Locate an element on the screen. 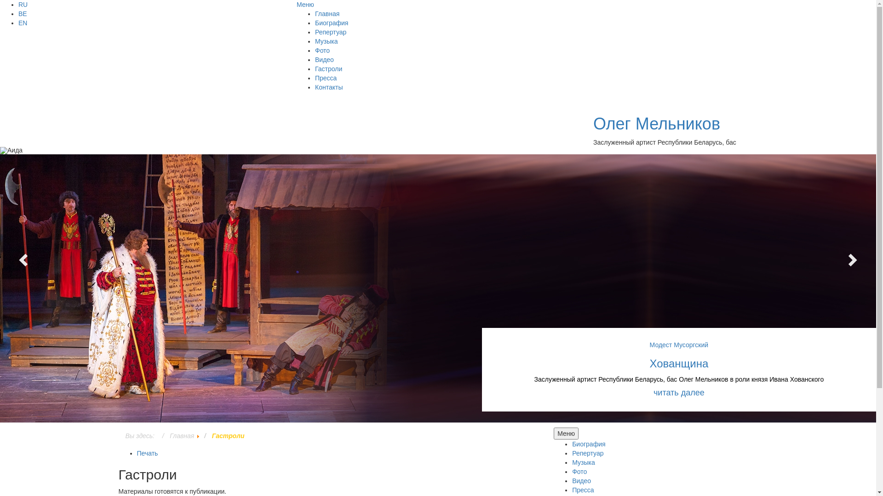  'BE' is located at coordinates (23, 14).